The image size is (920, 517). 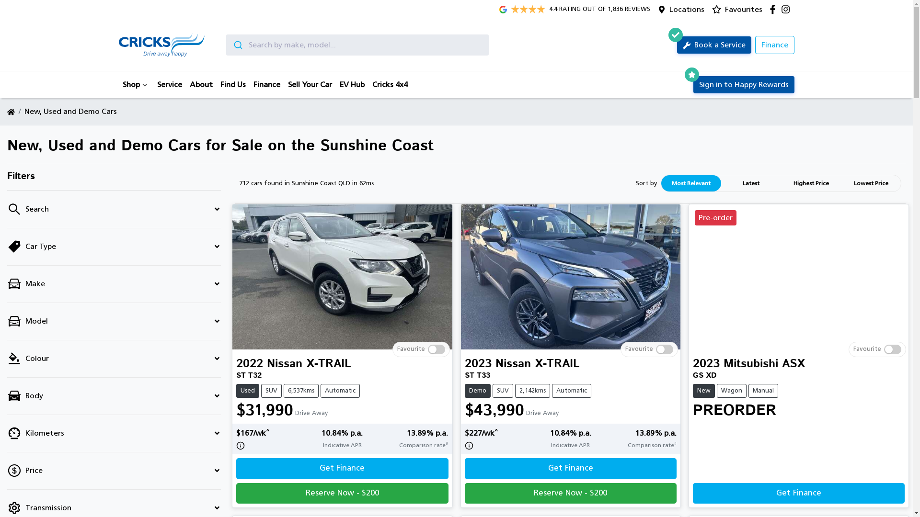 What do you see at coordinates (114, 321) in the screenshot?
I see `'Model'` at bounding box center [114, 321].